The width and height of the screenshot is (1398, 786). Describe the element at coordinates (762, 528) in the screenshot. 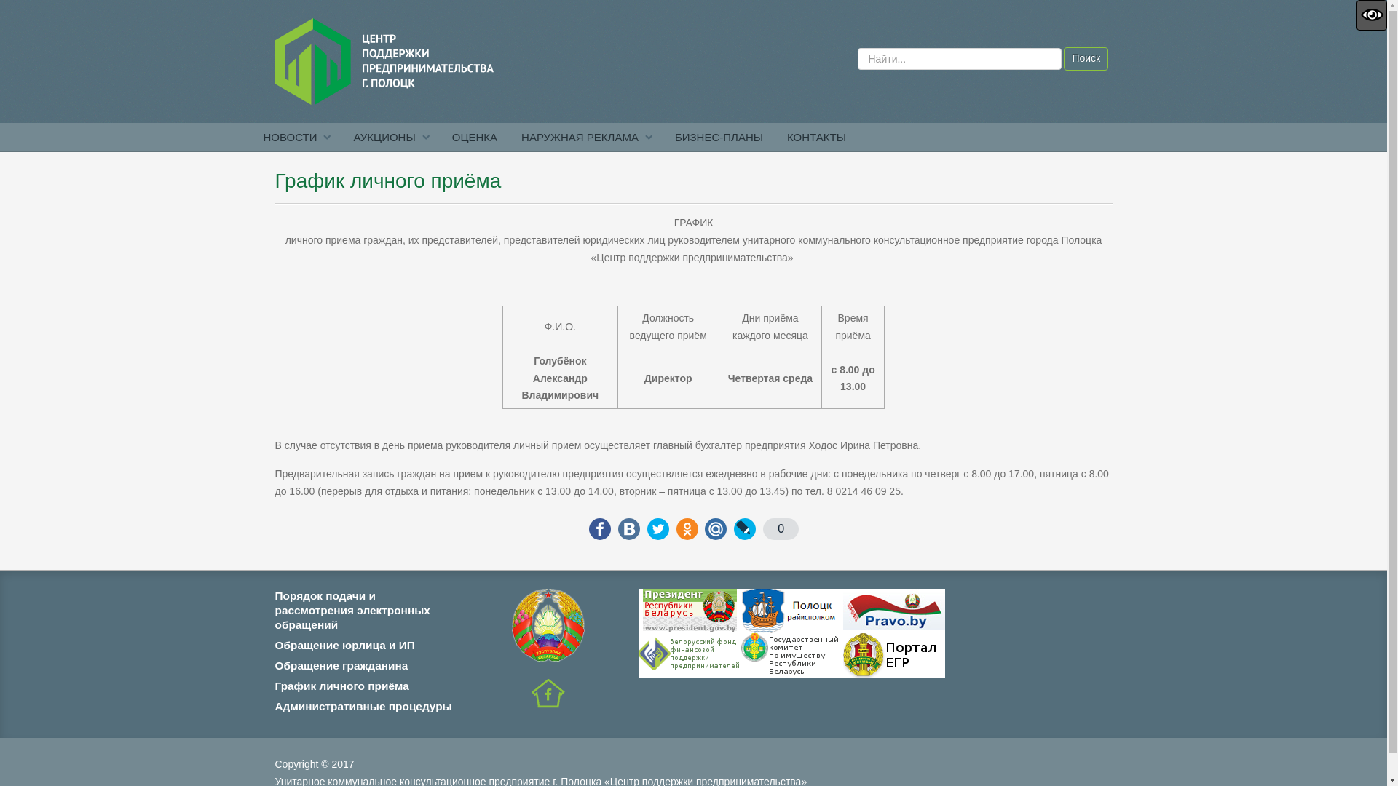

I see `'0'` at that location.